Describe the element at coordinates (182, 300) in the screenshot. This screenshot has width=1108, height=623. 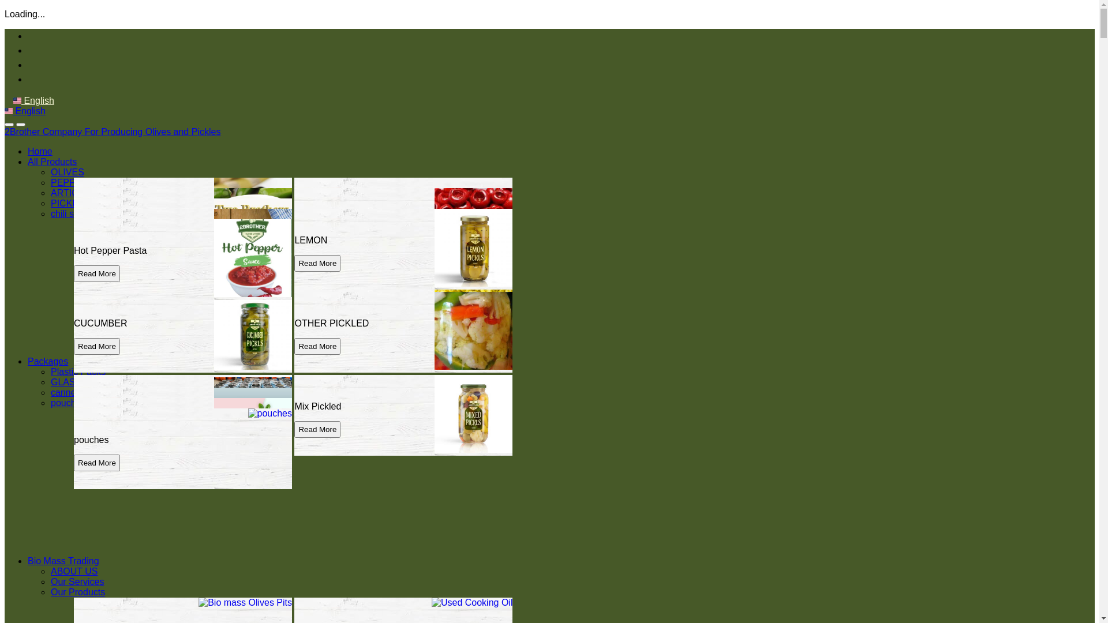
I see `'Kalamata Olives` at that location.